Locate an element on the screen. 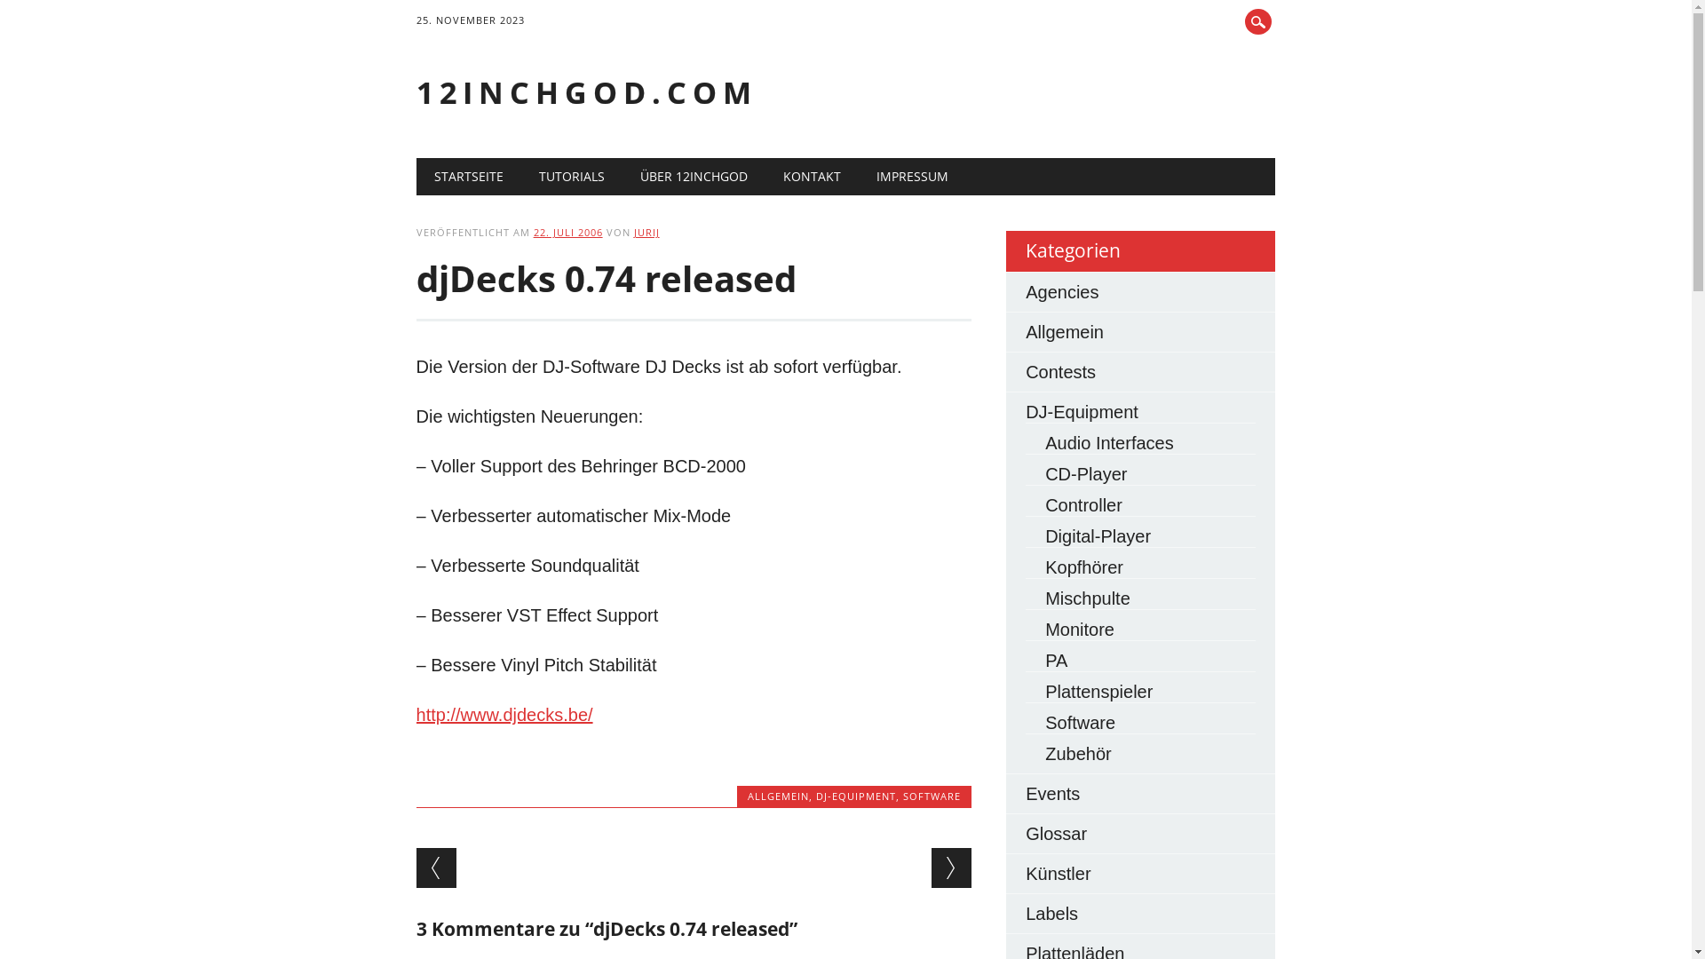 The width and height of the screenshot is (1705, 959). 'Agencies' is located at coordinates (1061, 290).